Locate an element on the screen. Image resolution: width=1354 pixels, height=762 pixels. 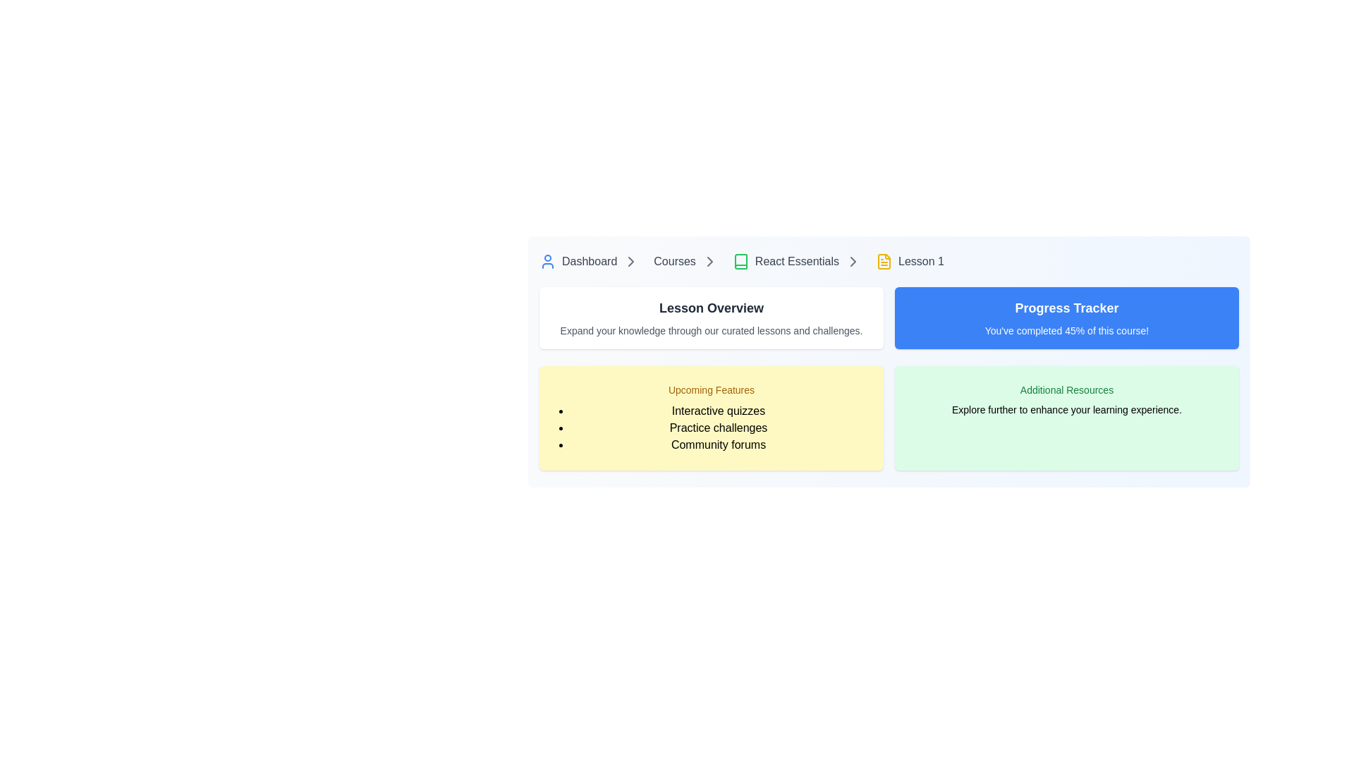
the Text block element containing the header 'Lesson Overview' and the description 'Expand your knowledge through our curated lessons and challenges.' is located at coordinates (711, 318).